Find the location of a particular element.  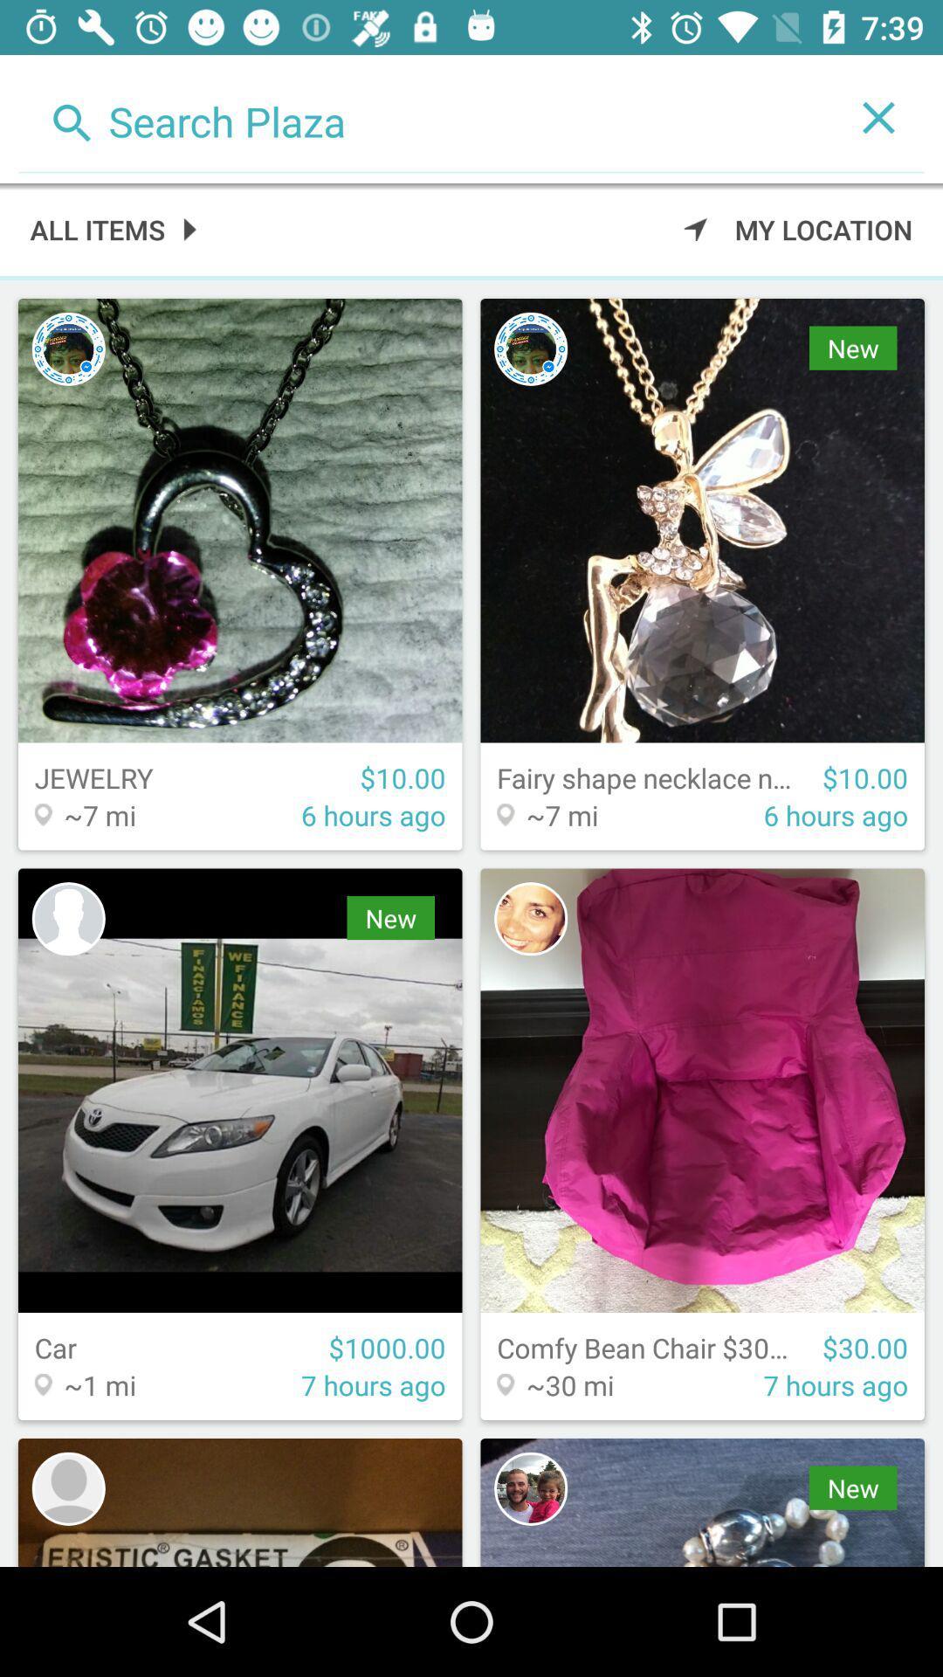

open search menu is located at coordinates (425, 116).